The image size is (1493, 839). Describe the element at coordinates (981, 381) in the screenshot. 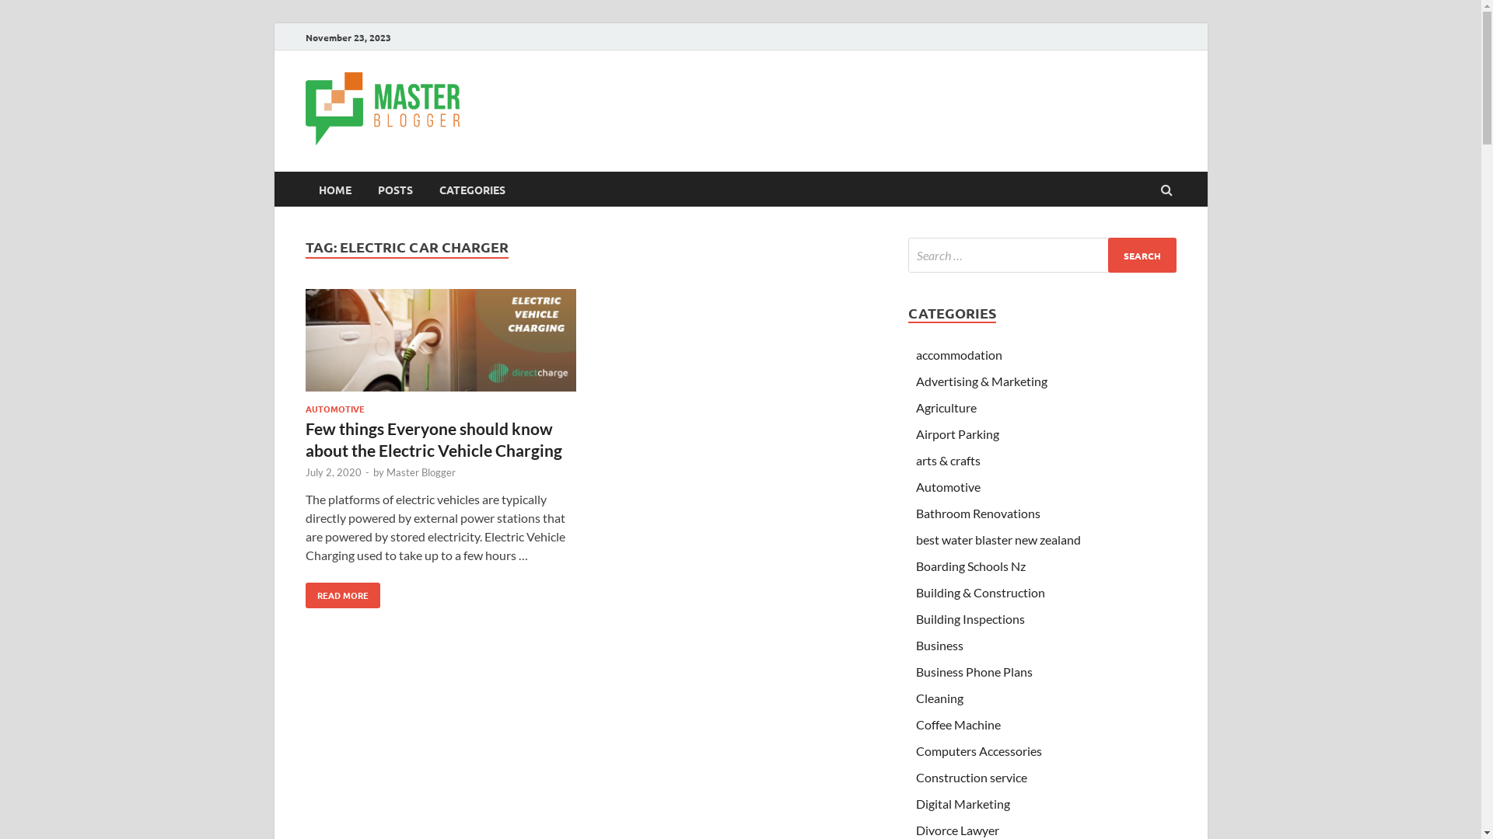

I see `'Advertising & Marketing'` at that location.